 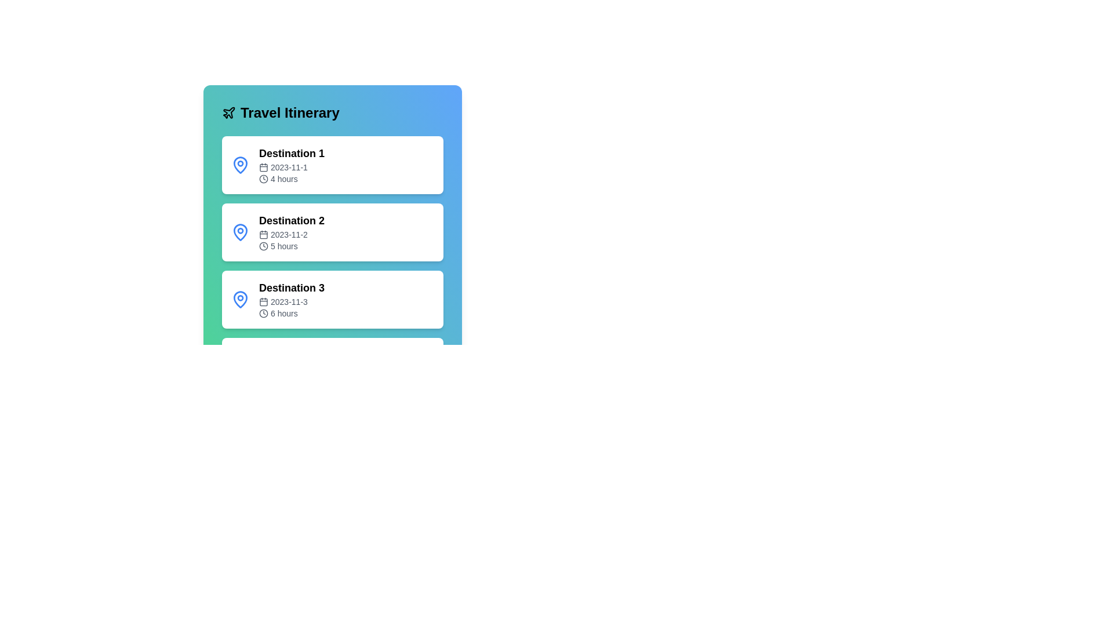 What do you see at coordinates (228, 113) in the screenshot?
I see `the black airplane outline icon located at the far left of the panel before the text 'Travel Itinerary'` at bounding box center [228, 113].